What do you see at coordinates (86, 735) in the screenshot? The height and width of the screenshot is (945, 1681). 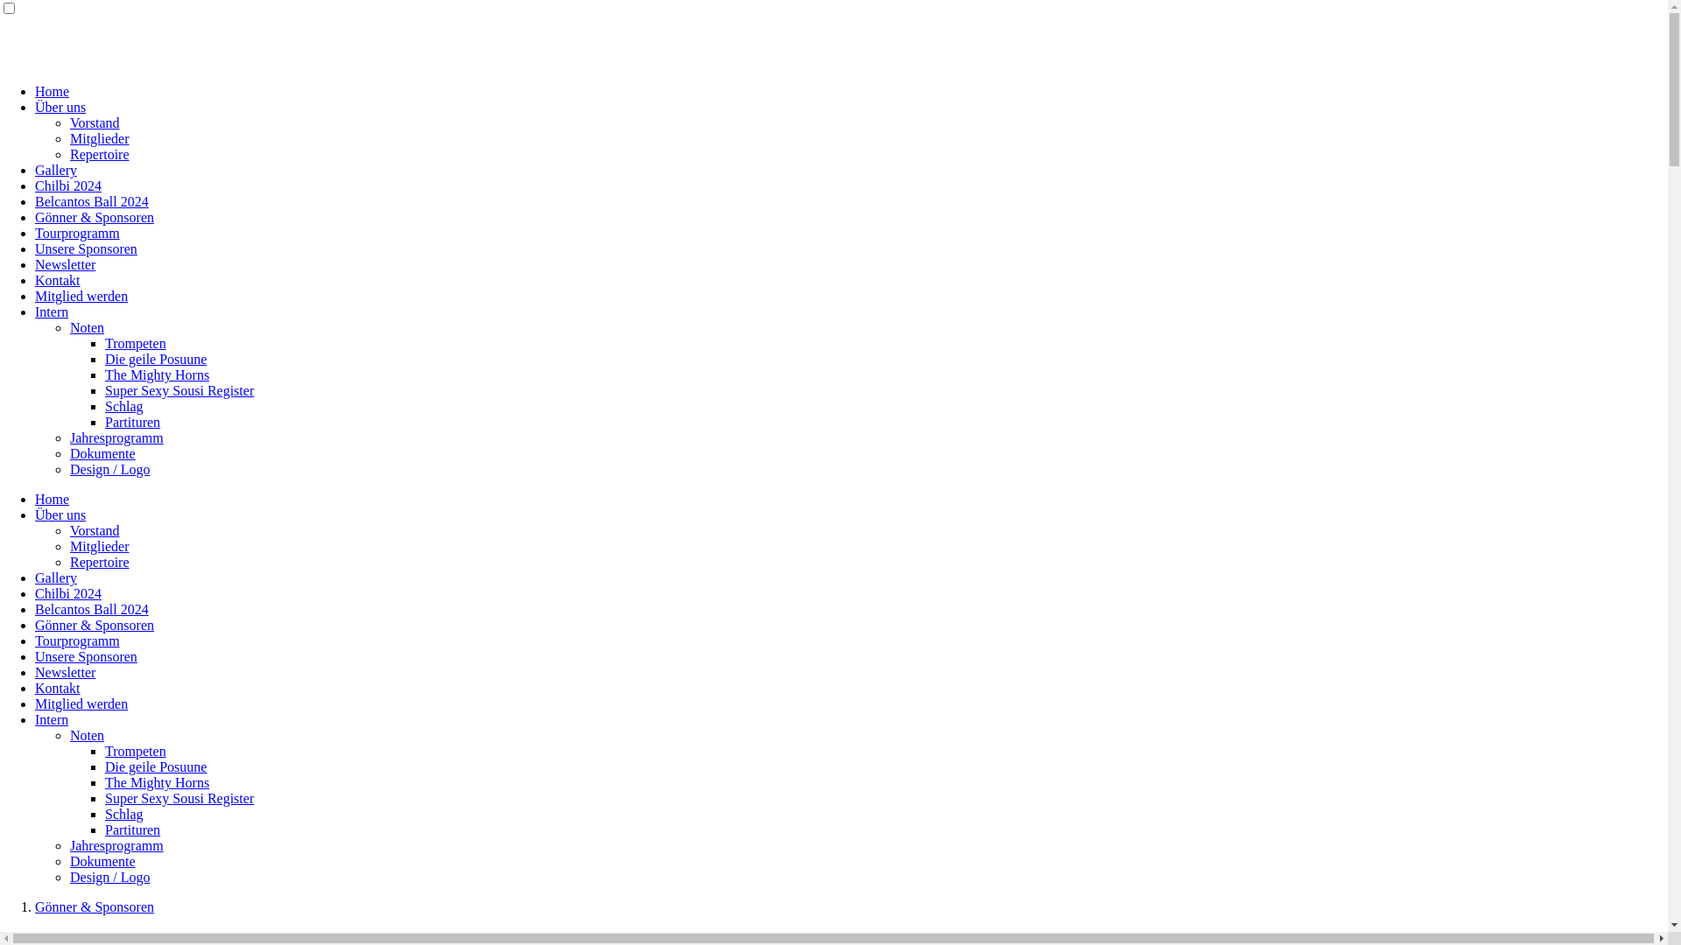 I see `'Noten'` at bounding box center [86, 735].